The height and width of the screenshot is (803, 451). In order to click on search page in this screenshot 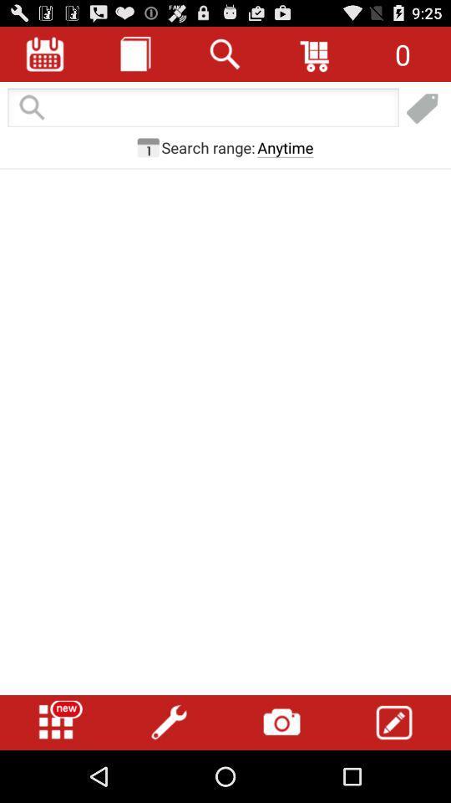, I will do `click(203, 108)`.